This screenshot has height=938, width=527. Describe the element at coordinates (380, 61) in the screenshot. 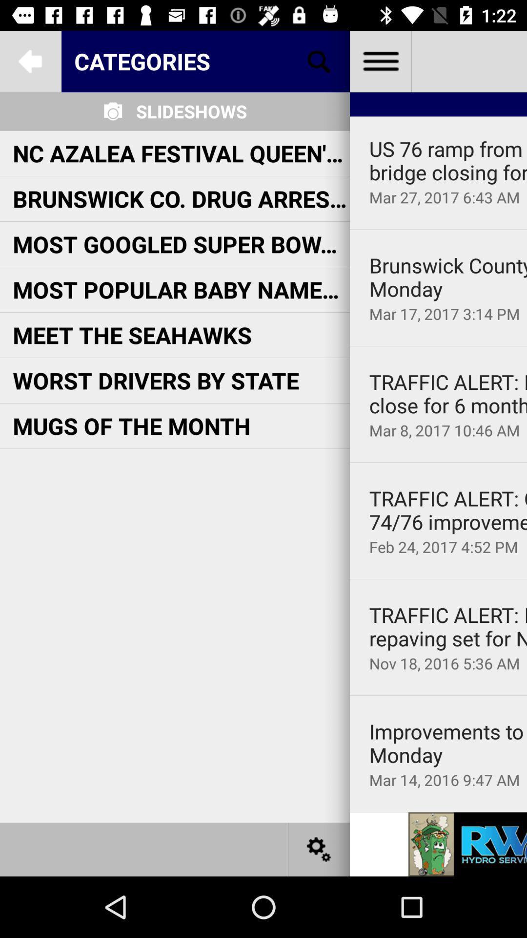

I see `the menu icon` at that location.